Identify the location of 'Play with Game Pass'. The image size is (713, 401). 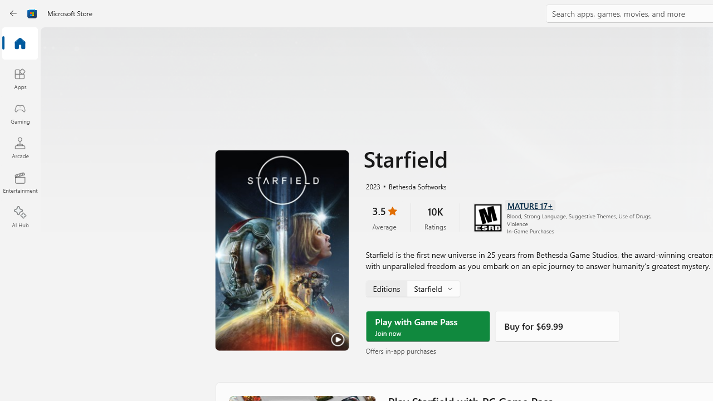
(427, 326).